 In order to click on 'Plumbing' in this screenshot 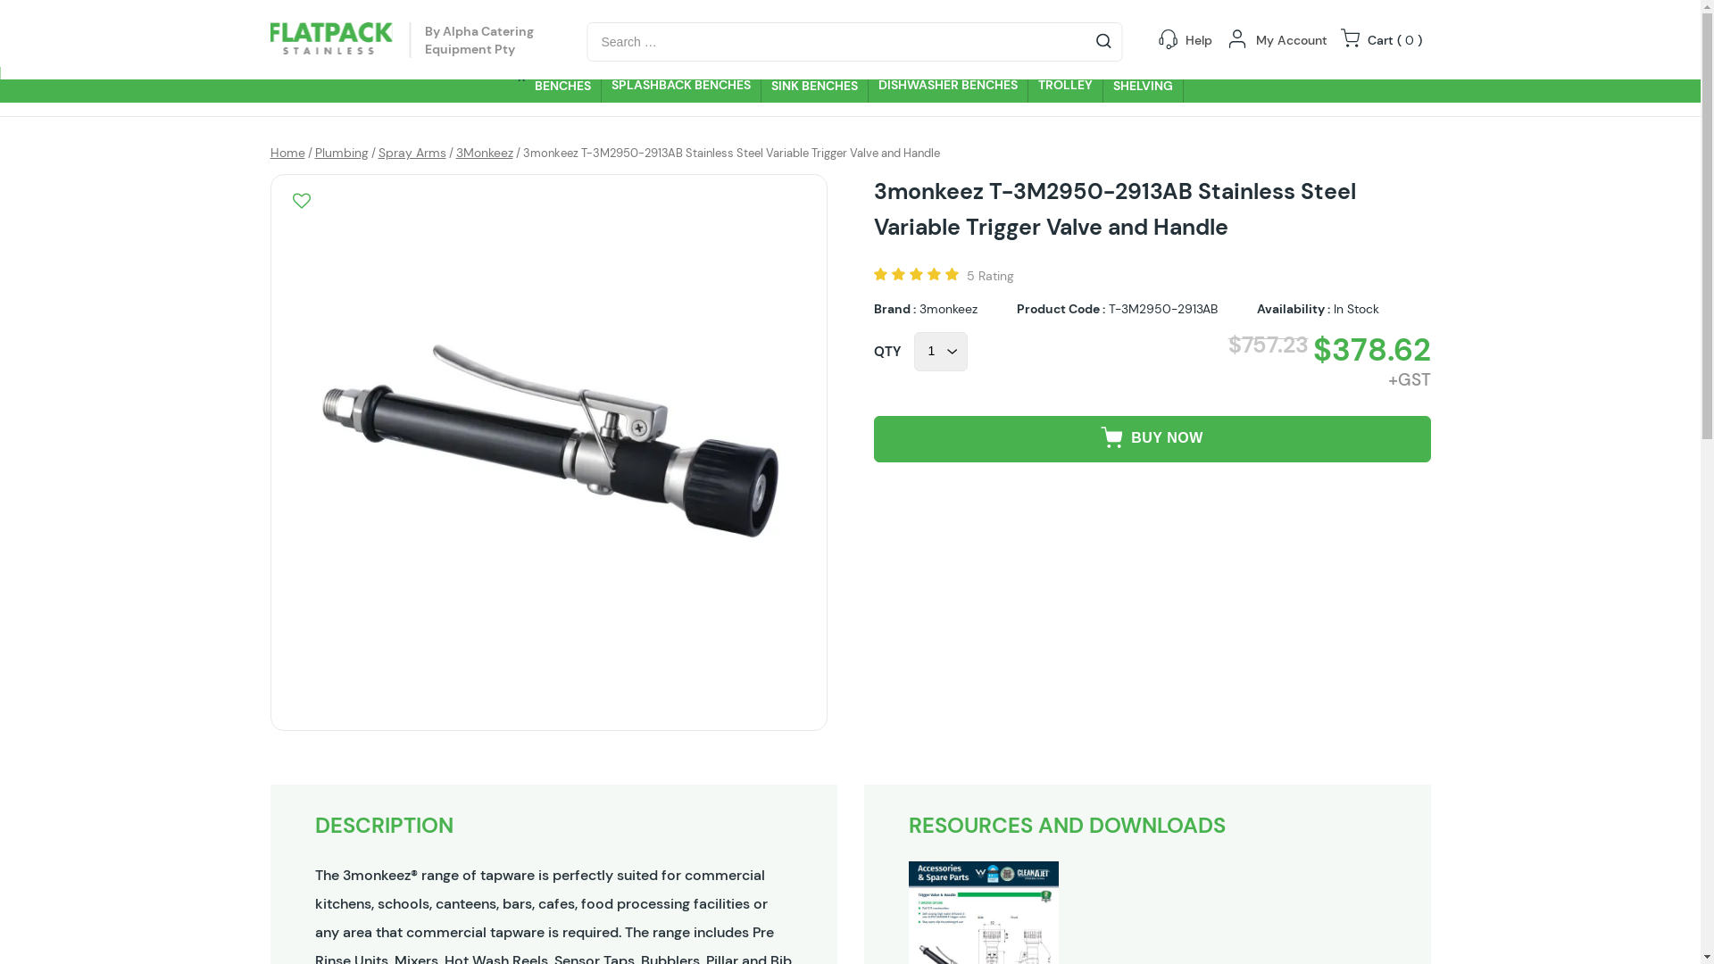, I will do `click(341, 151)`.